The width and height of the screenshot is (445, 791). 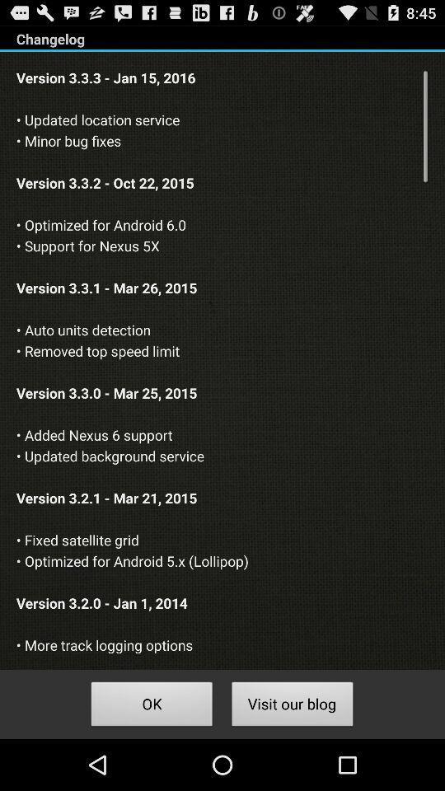 I want to click on app below the version 3 3, so click(x=292, y=705).